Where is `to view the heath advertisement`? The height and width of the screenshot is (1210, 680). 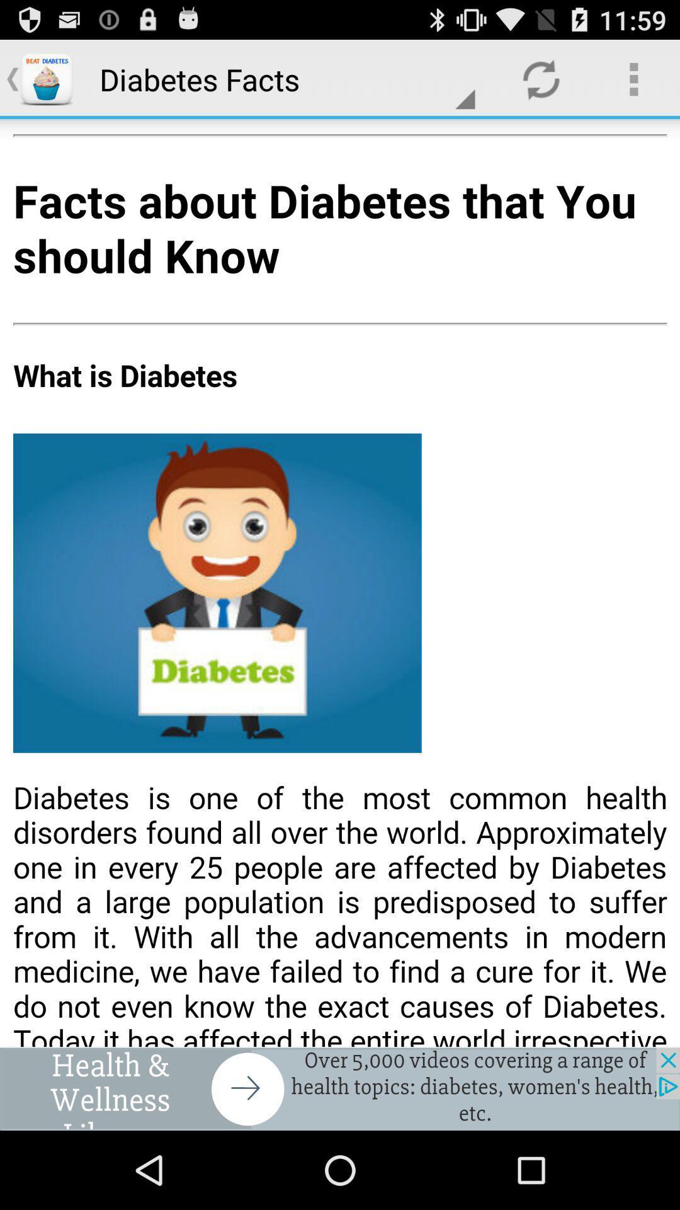 to view the heath advertisement is located at coordinates (340, 1088).